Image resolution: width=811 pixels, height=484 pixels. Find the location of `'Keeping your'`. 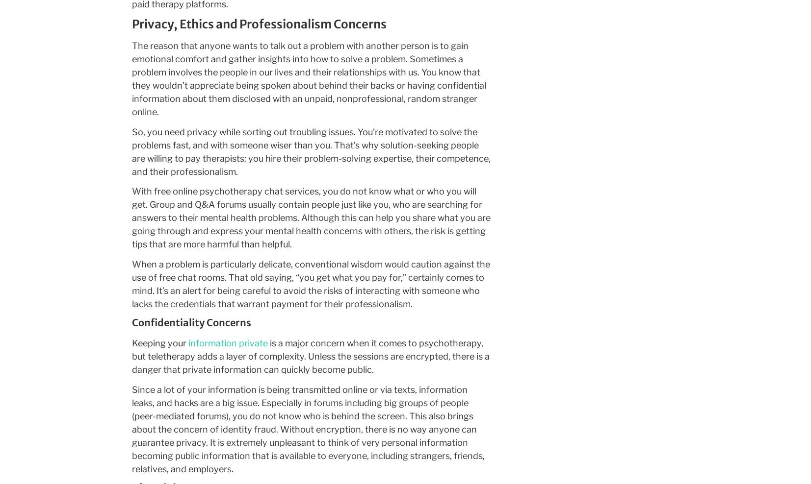

'Keeping your' is located at coordinates (131, 343).